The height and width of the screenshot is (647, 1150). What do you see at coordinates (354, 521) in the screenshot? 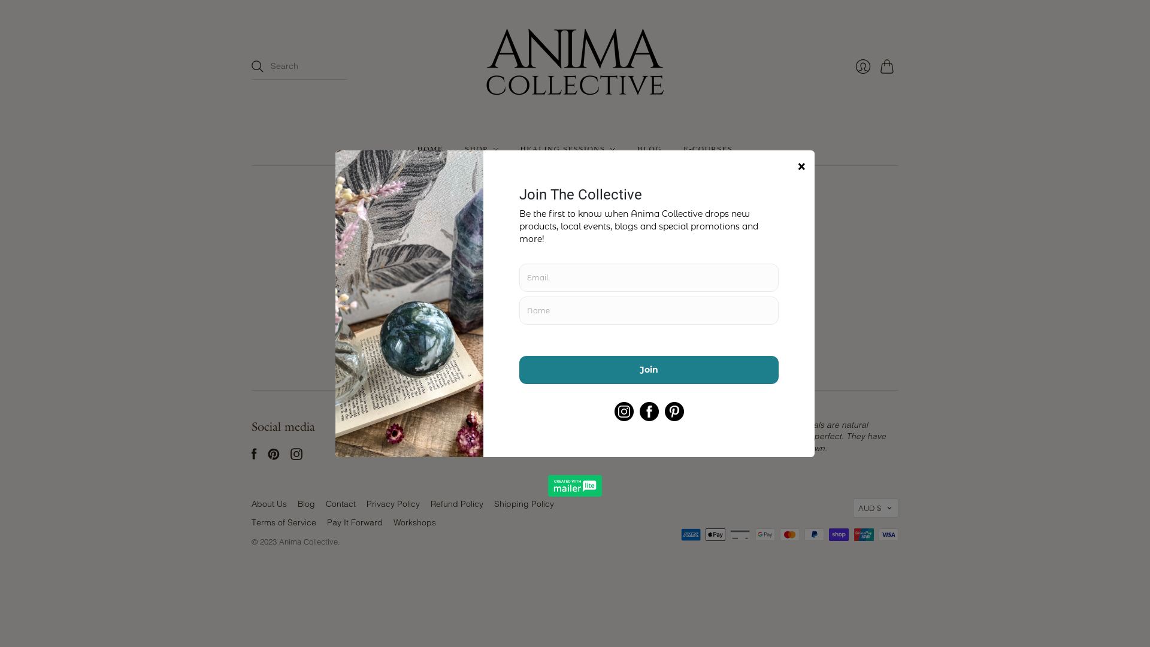
I see `'Pay It Forward'` at bounding box center [354, 521].